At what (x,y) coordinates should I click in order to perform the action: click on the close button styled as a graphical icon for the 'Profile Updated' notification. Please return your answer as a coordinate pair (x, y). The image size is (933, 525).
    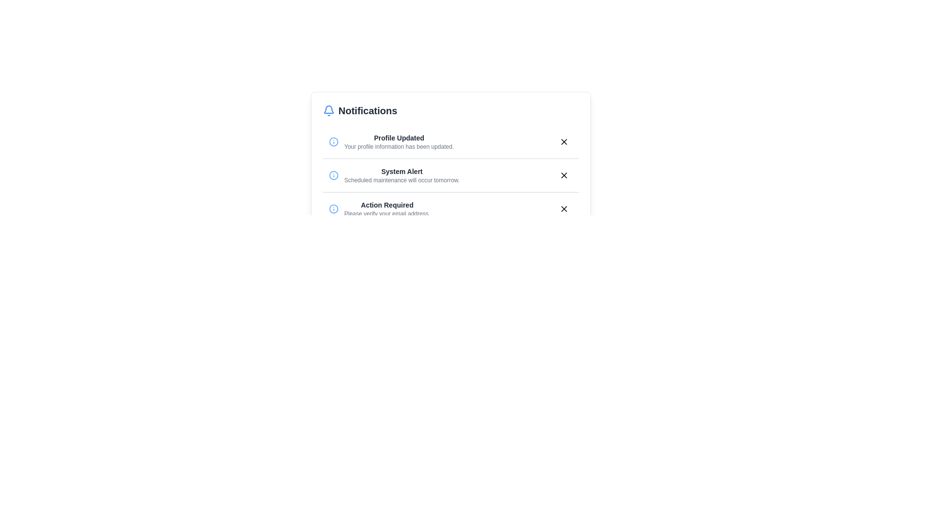
    Looking at the image, I should click on (564, 142).